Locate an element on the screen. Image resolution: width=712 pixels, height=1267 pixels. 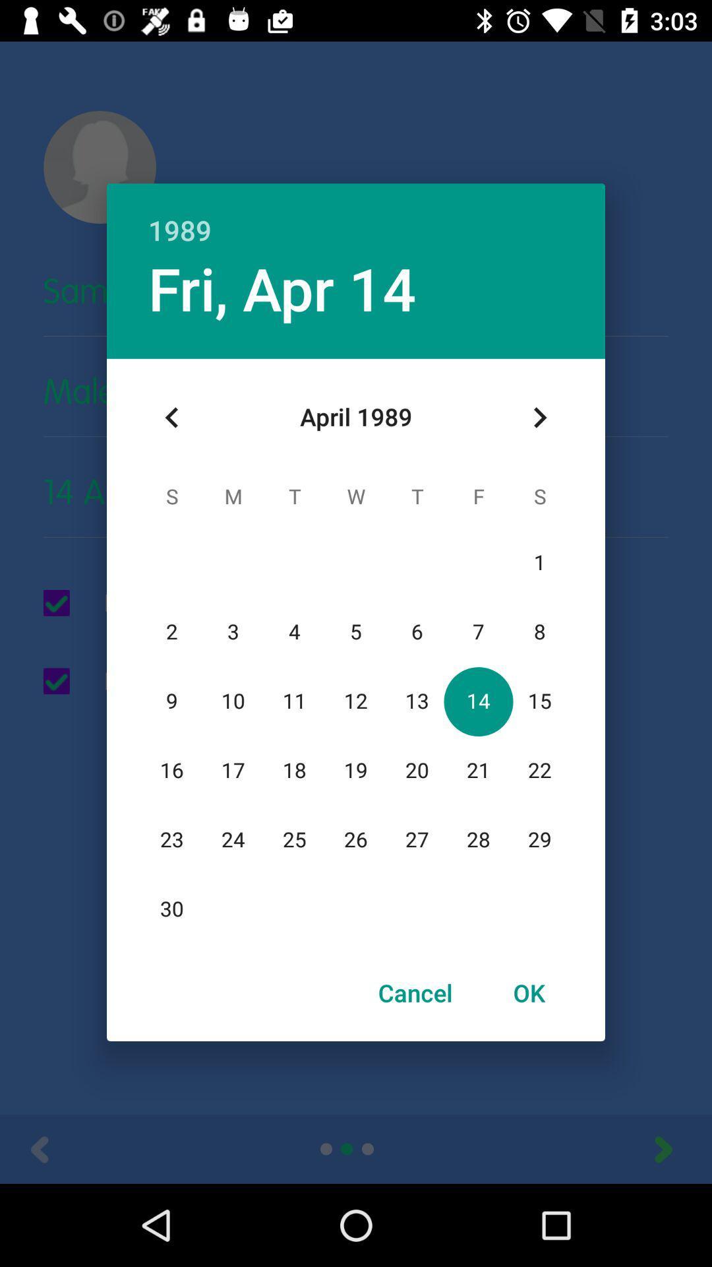
item to the left of the ok icon is located at coordinates (415, 992).